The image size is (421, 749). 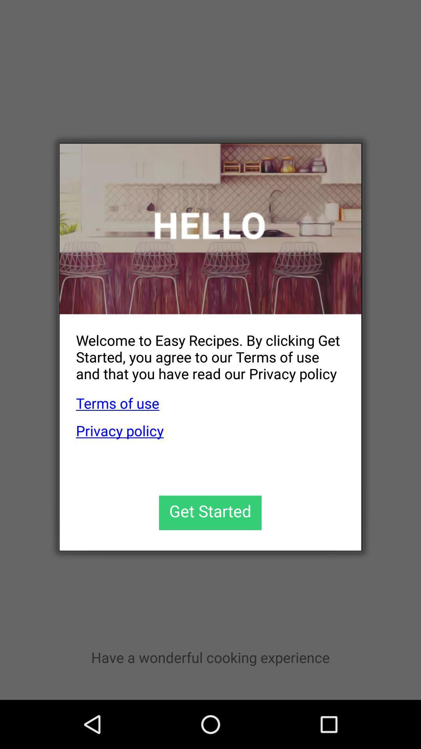 I want to click on get started, so click(x=210, y=513).